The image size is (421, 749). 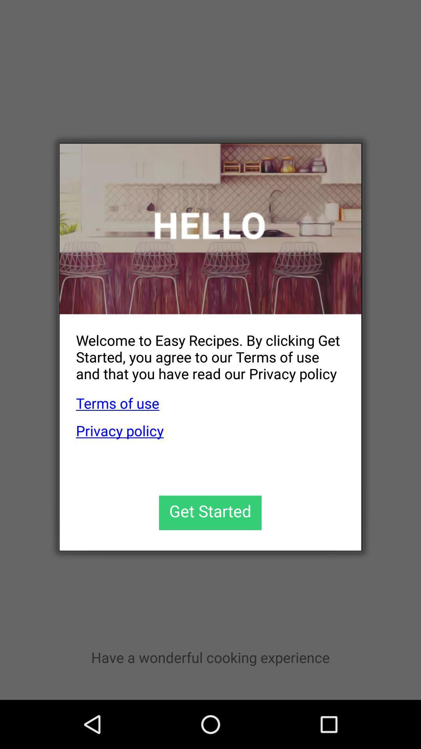 I want to click on get started, so click(x=210, y=513).